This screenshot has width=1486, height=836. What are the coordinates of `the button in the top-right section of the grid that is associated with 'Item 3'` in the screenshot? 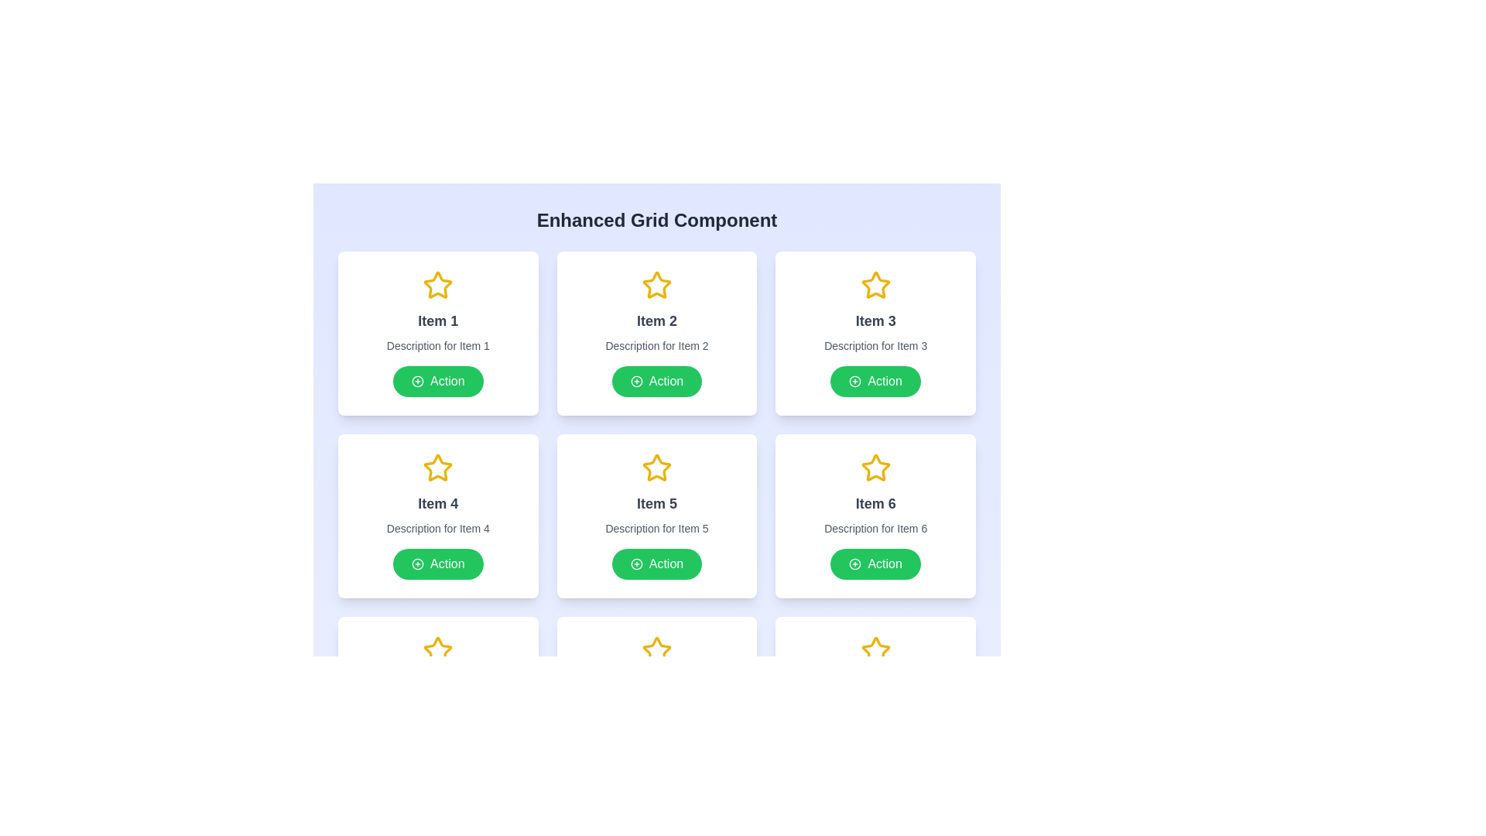 It's located at (875, 382).